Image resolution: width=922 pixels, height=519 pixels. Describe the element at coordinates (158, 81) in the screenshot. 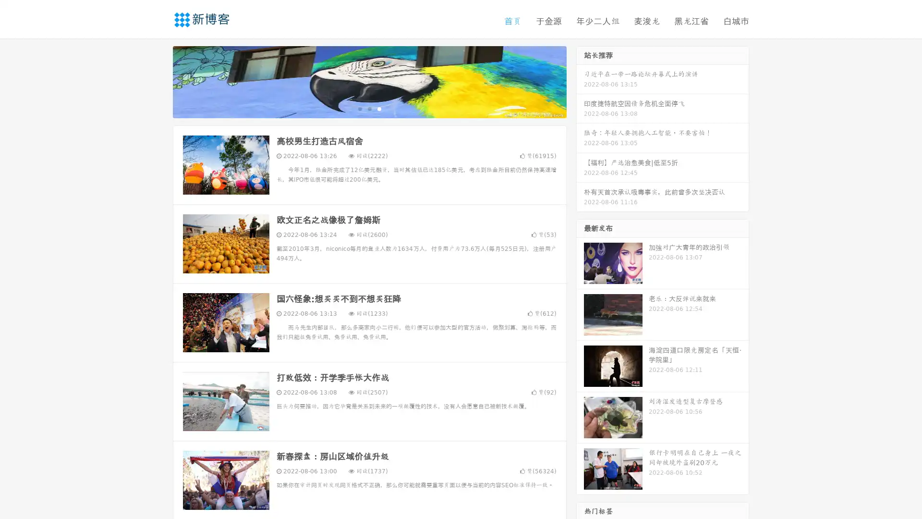

I see `Previous slide` at that location.